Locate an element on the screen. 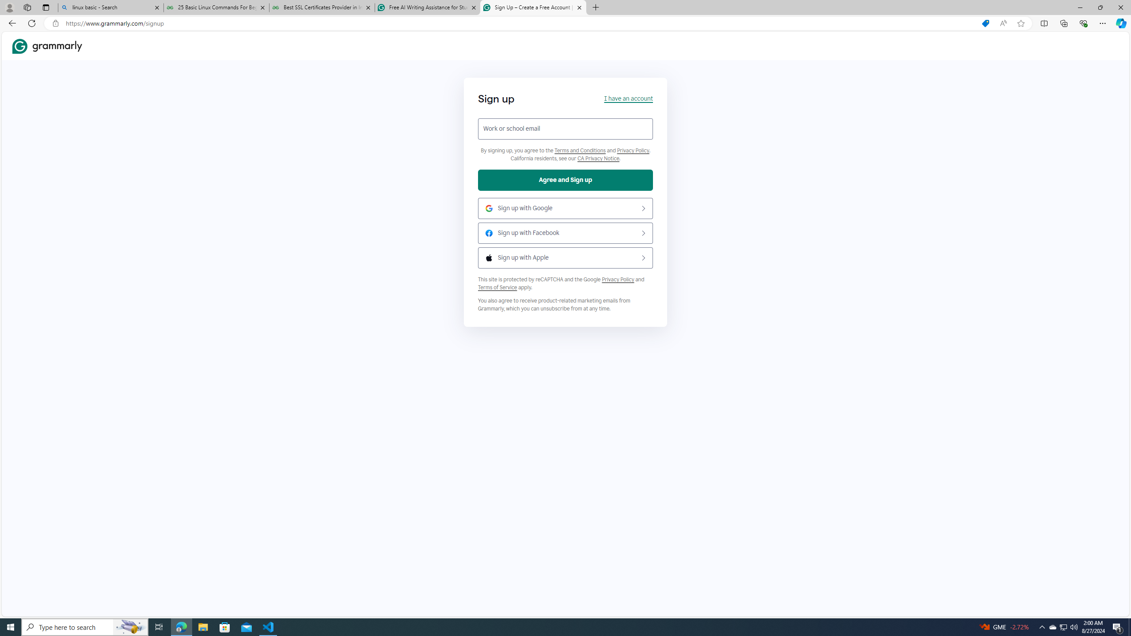 The image size is (1131, 636). 'Grammarly Home' is located at coordinates (47, 45).